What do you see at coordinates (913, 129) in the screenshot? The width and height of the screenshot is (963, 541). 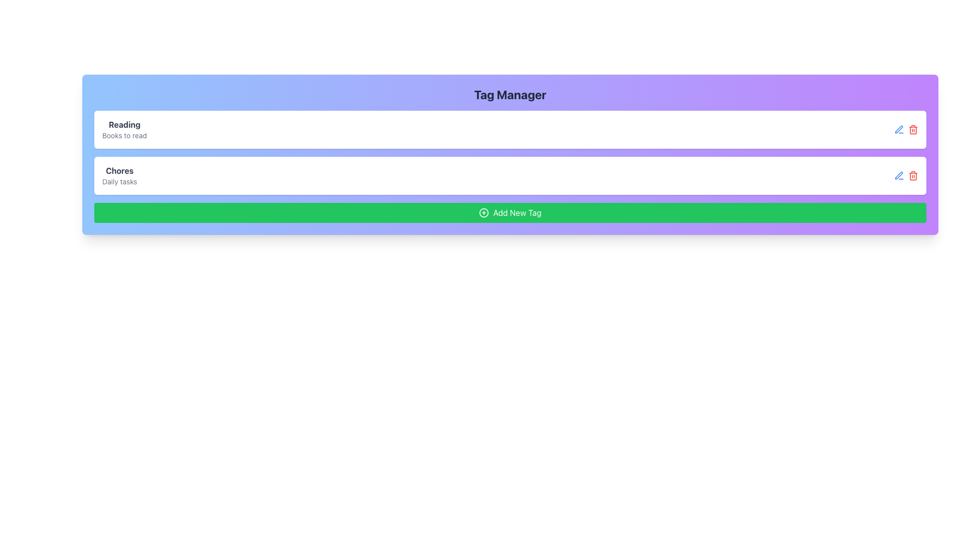 I see `the red trash can icon located on the far right of the row containing the list item labeled 'Reading'` at bounding box center [913, 129].